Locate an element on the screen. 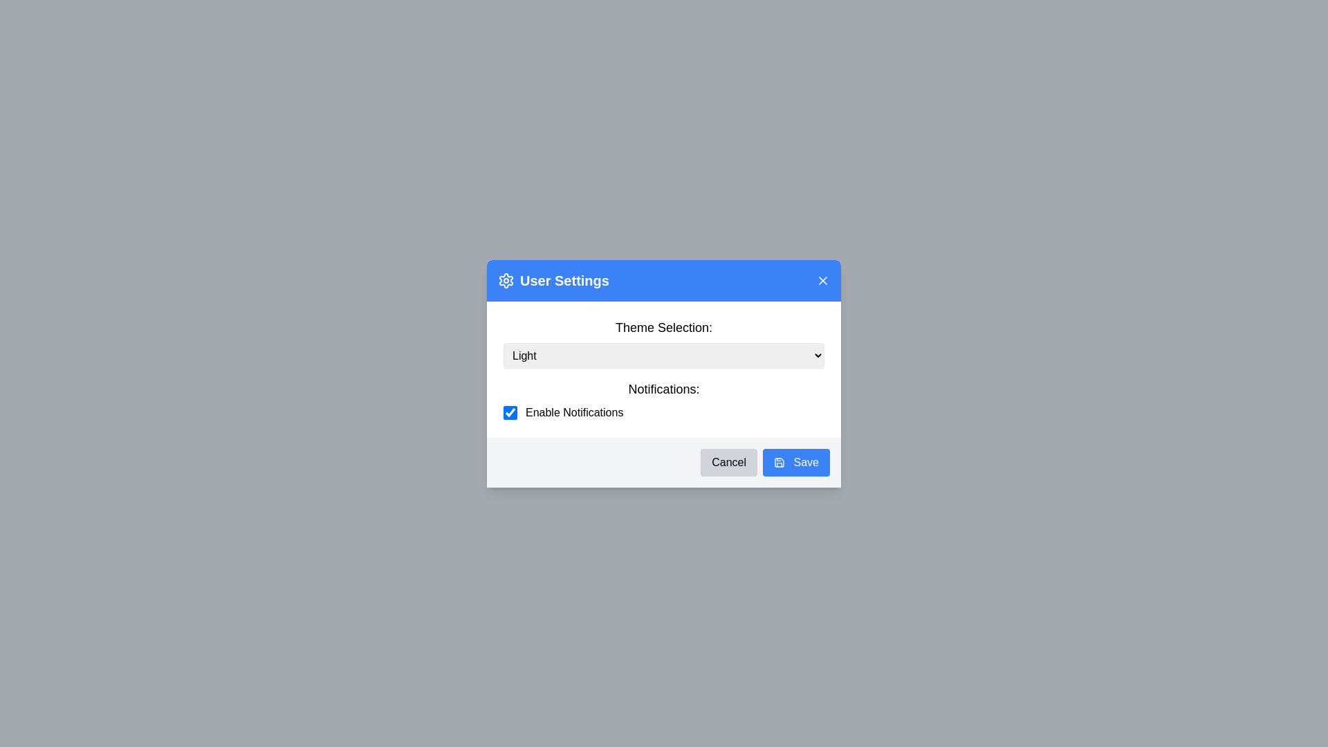 This screenshot has width=1328, height=747. an option from the dropdown menu for the theme in the central Form Section of the 'User Settings' dialog box, located below the header and above the 'Cancel' and 'Save' buttons is located at coordinates (664, 368).